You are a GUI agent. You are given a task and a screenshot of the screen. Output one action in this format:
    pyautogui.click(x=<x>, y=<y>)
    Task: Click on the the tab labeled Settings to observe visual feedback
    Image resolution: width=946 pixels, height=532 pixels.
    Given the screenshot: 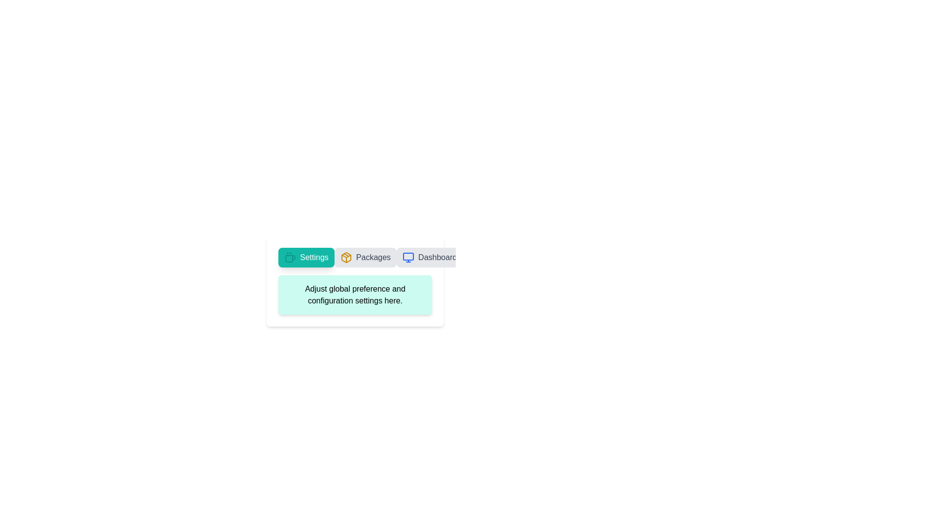 What is the action you would take?
    pyautogui.click(x=305, y=257)
    